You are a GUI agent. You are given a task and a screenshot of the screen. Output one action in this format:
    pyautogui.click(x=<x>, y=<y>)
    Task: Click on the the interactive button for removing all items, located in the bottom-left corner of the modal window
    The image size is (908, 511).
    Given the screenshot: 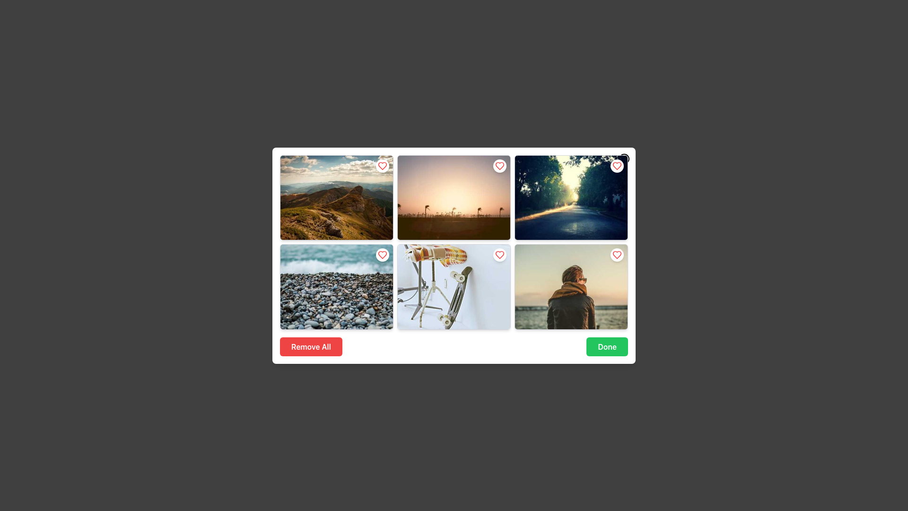 What is the action you would take?
    pyautogui.click(x=311, y=346)
    